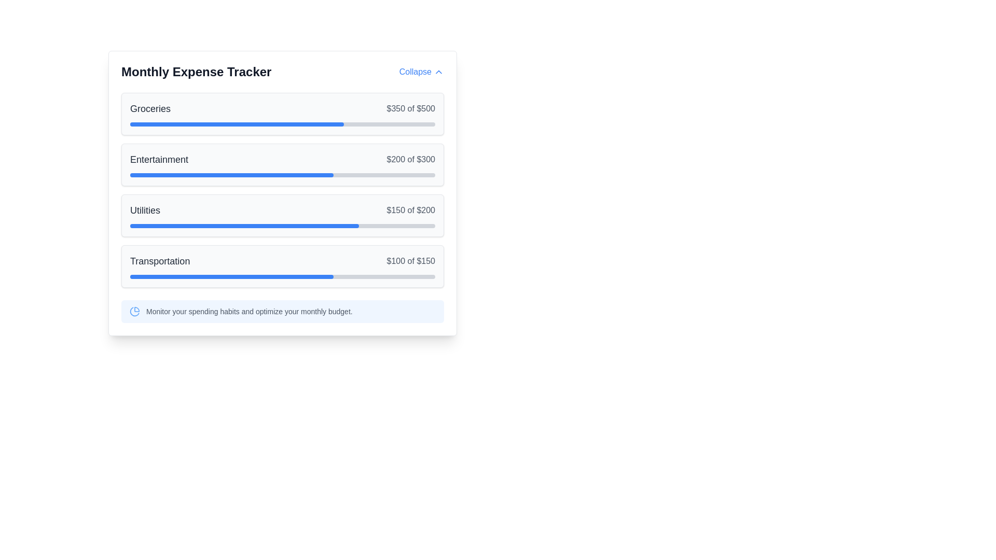  I want to click on the text label displaying '$200 of $300', which is styled with a gray font and located in the financial tracker interface, aligned to the right of the 'Entertainment' header, so click(410, 160).